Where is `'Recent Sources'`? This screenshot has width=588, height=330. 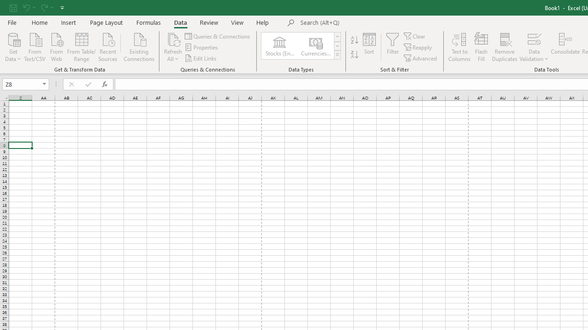
'Recent Sources' is located at coordinates (108, 46).